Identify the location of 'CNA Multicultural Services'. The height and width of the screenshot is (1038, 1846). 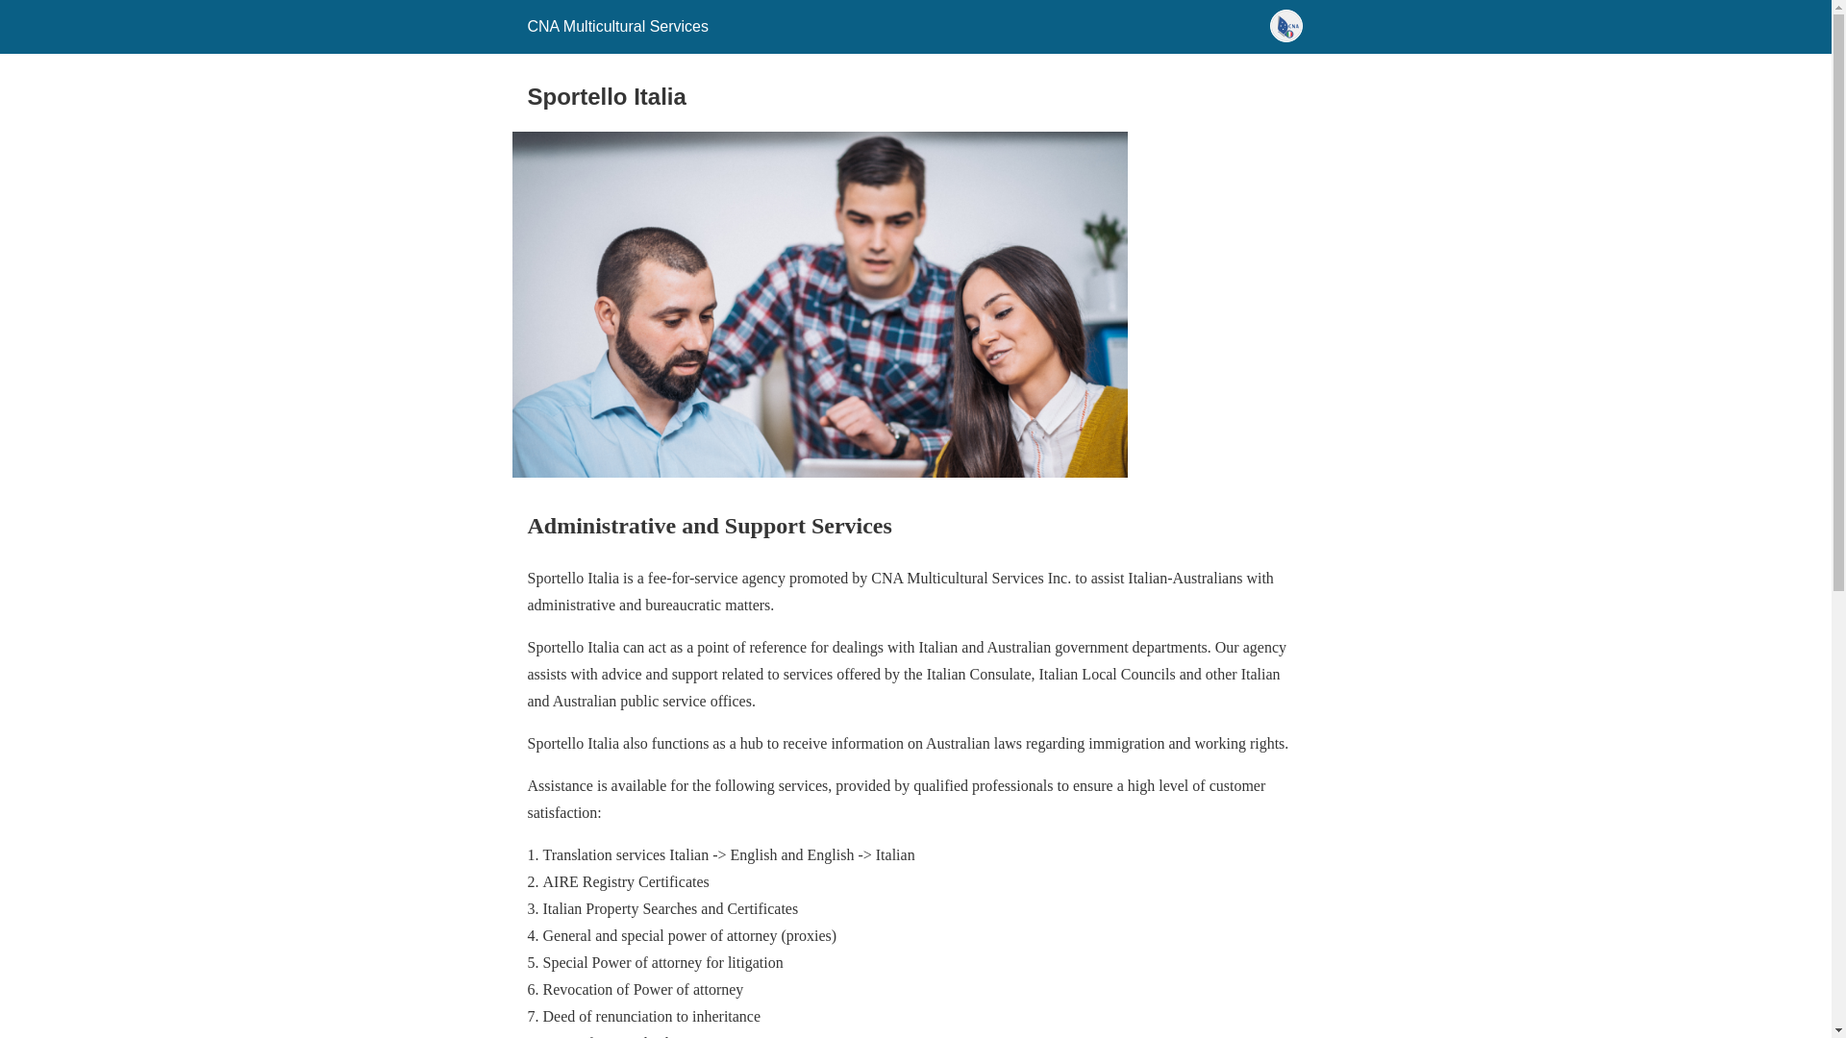
(617, 26).